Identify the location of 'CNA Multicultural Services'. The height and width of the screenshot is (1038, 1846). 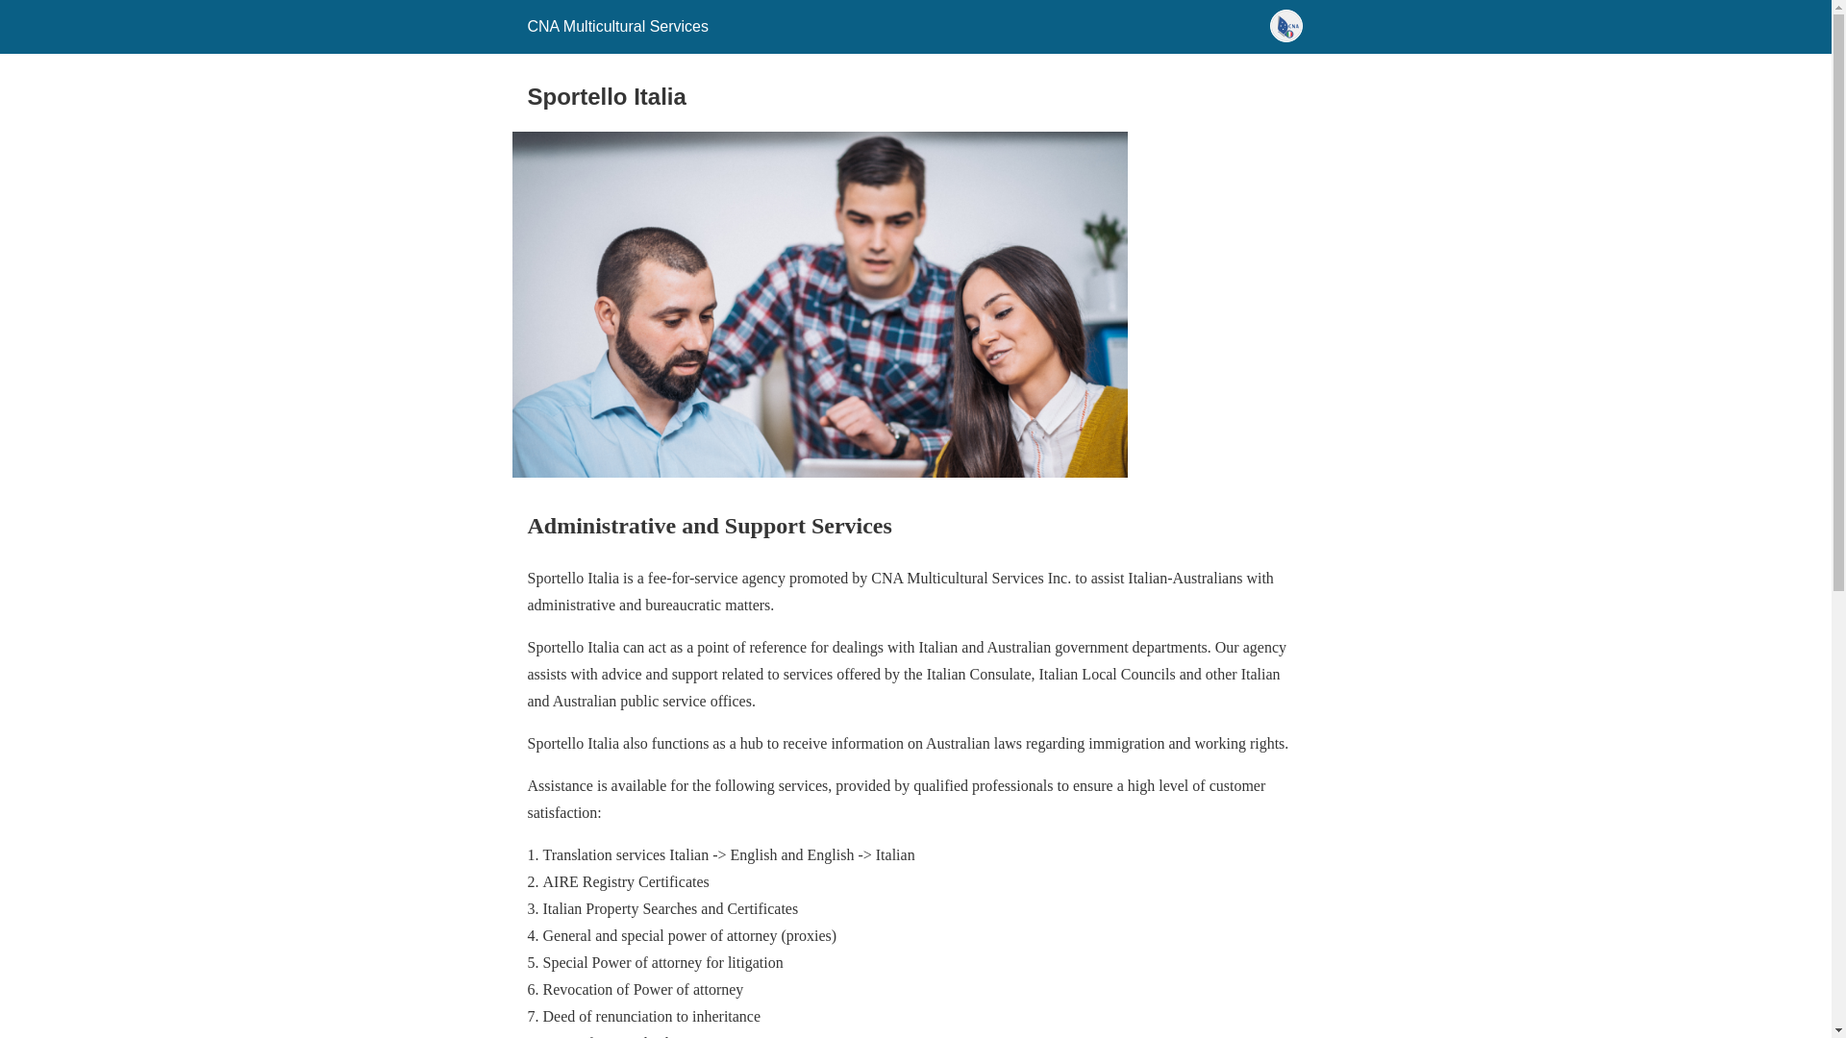
(617, 26).